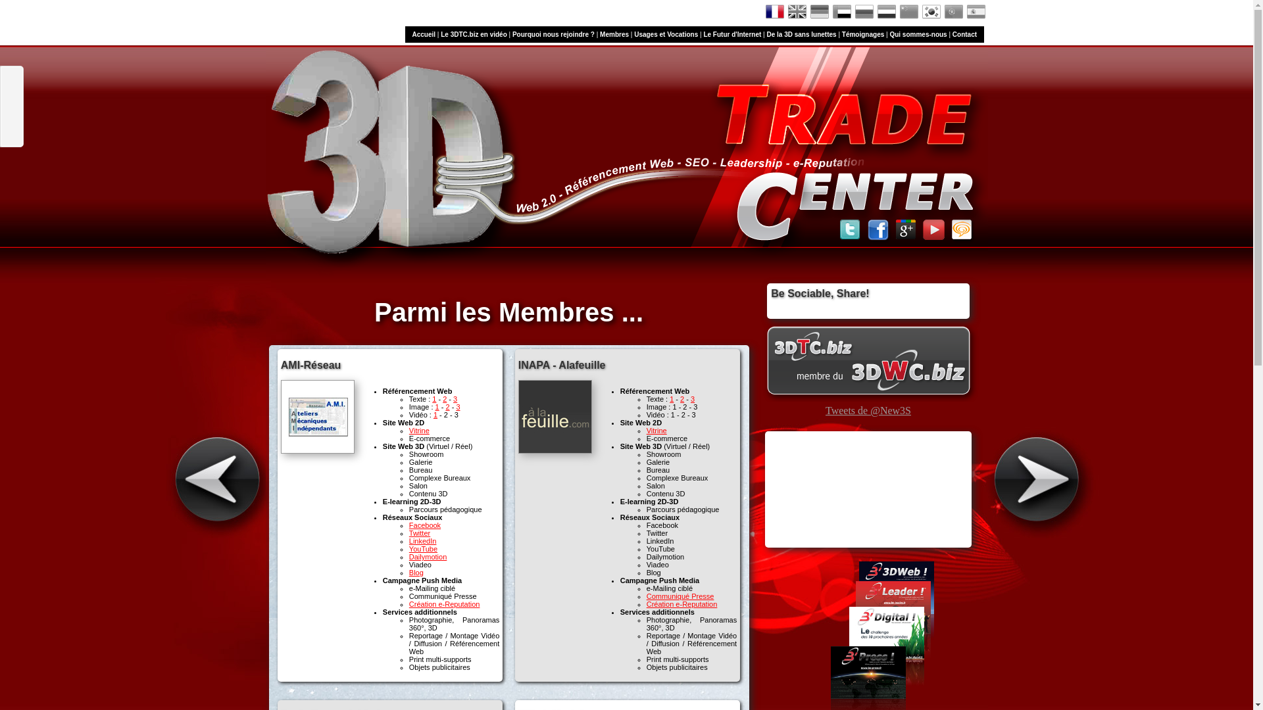 Image resolution: width=1263 pixels, height=710 pixels. I want to click on 'Twitter', so click(419, 532).